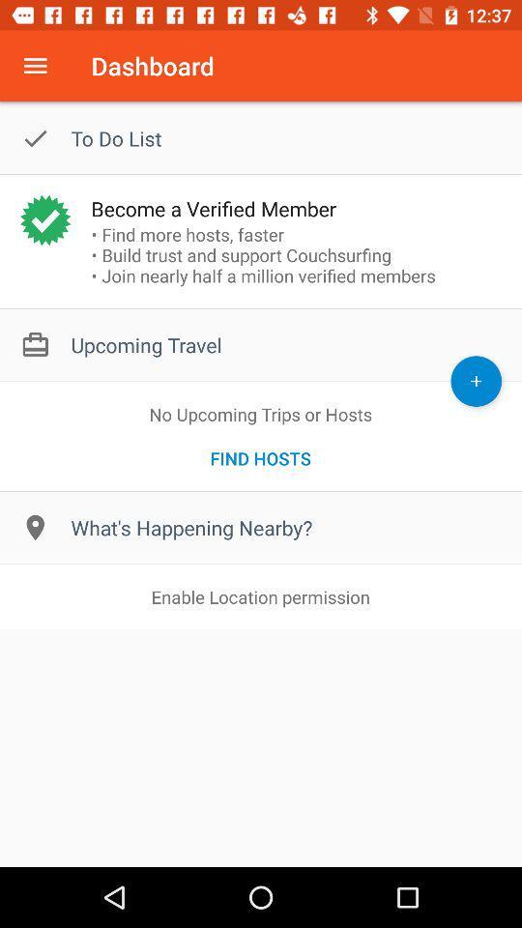 Image resolution: width=522 pixels, height=928 pixels. I want to click on the add icon, so click(475, 380).